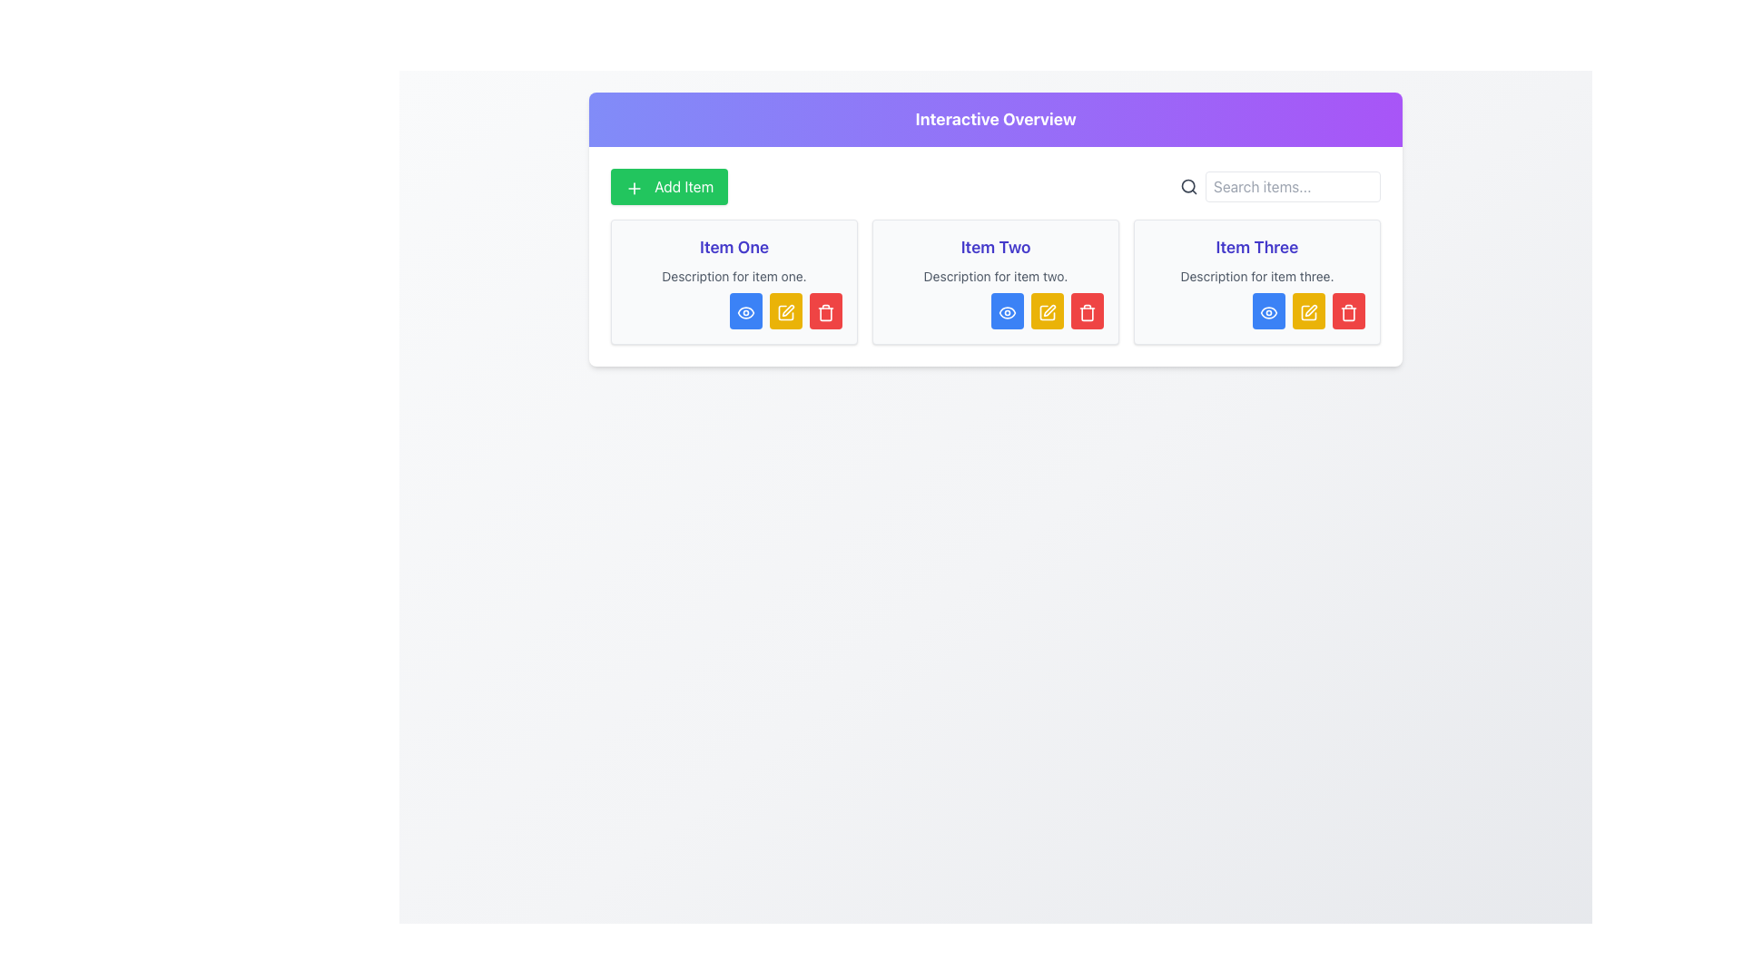  Describe the element at coordinates (1049, 309) in the screenshot. I see `the pen icon located in the action icons section below the 'Item Two' card` at that location.